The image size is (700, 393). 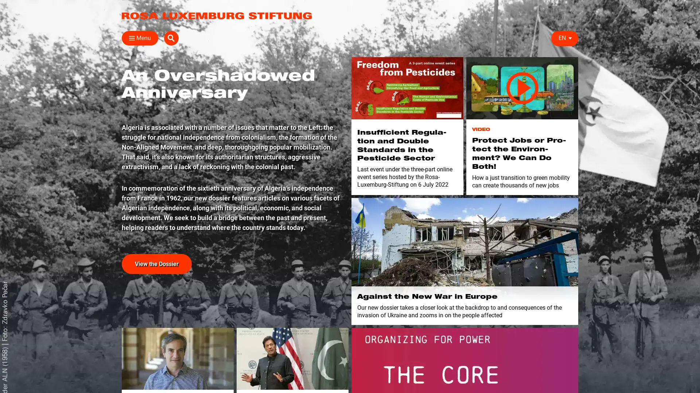 What do you see at coordinates (232, 132) in the screenshot?
I see `Show more / less` at bounding box center [232, 132].